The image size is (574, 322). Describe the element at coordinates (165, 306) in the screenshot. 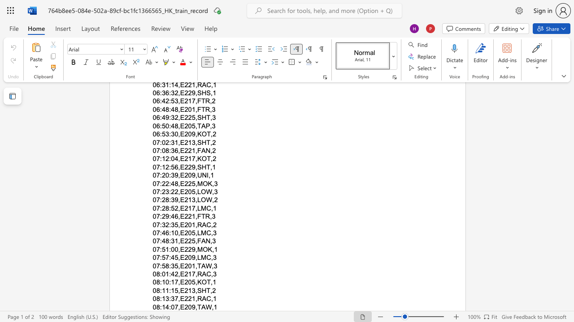

I see `the subset text "4:07,E209," within the text "08:14:07,E209,TAW,1"` at that location.